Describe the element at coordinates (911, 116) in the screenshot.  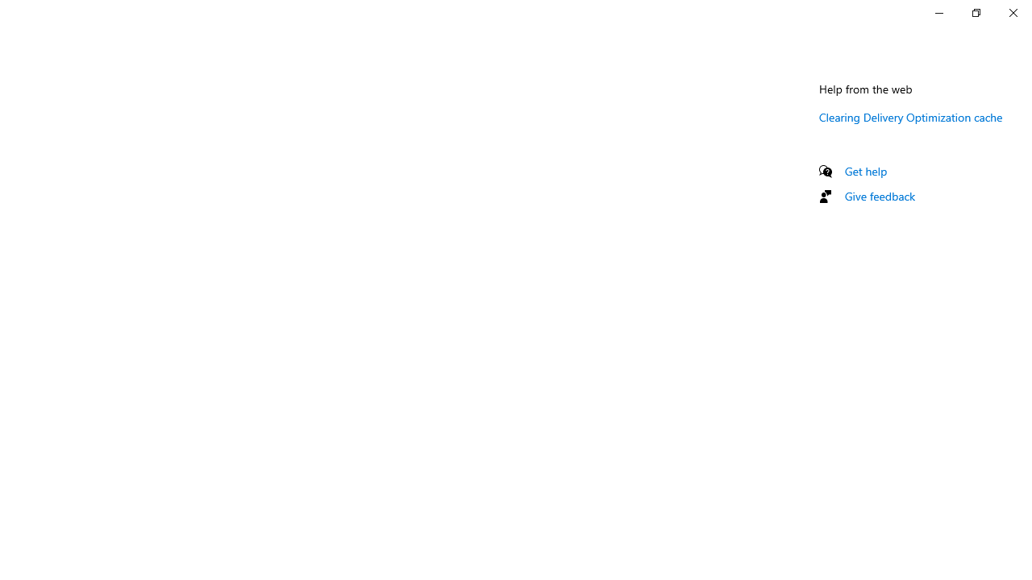
I see `'Clearing Delivery Optimization cache'` at that location.